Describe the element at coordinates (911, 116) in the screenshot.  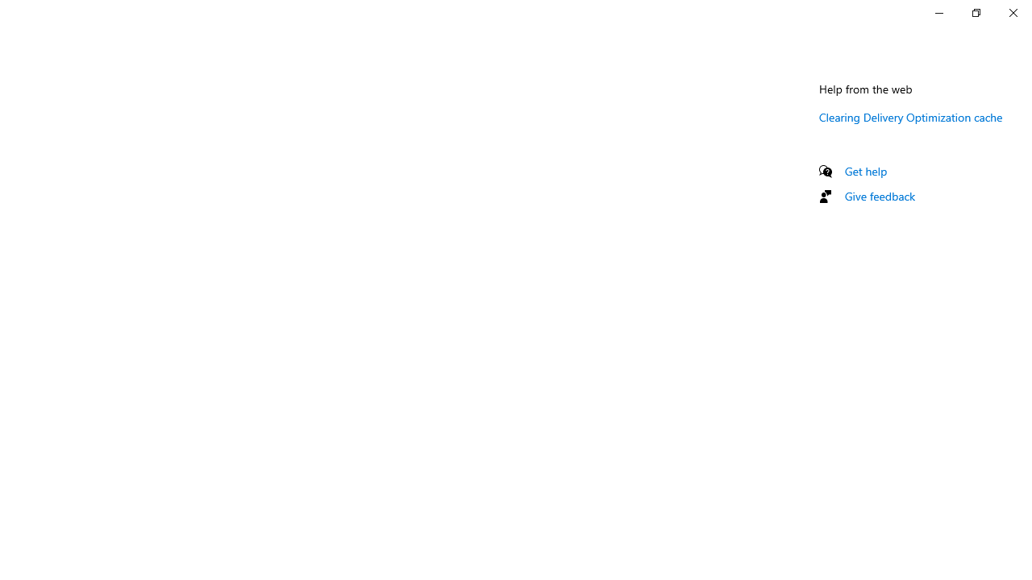
I see `'Clearing Delivery Optimization cache'` at that location.